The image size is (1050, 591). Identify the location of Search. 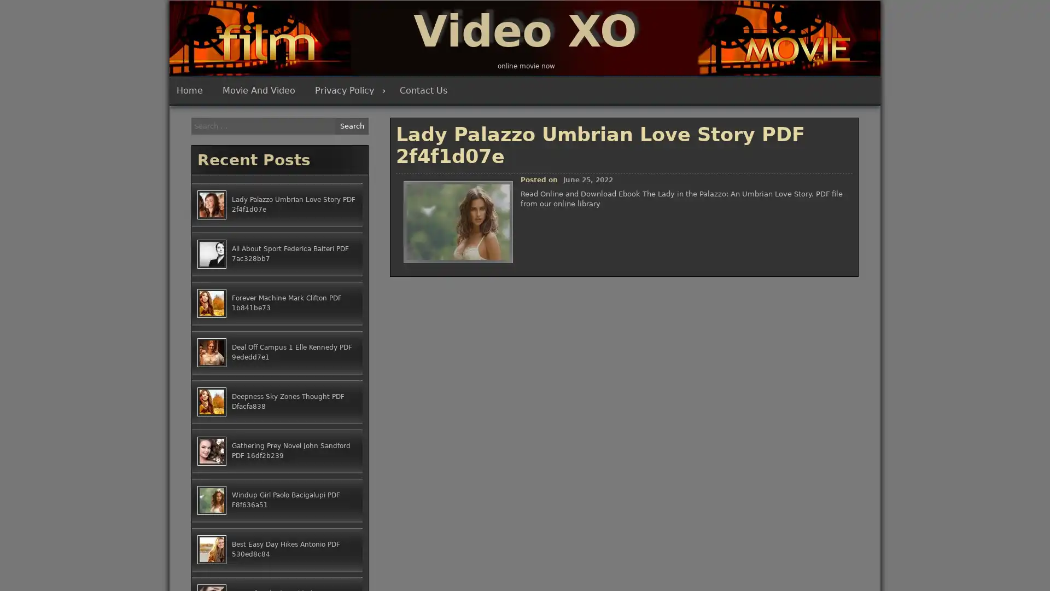
(352, 125).